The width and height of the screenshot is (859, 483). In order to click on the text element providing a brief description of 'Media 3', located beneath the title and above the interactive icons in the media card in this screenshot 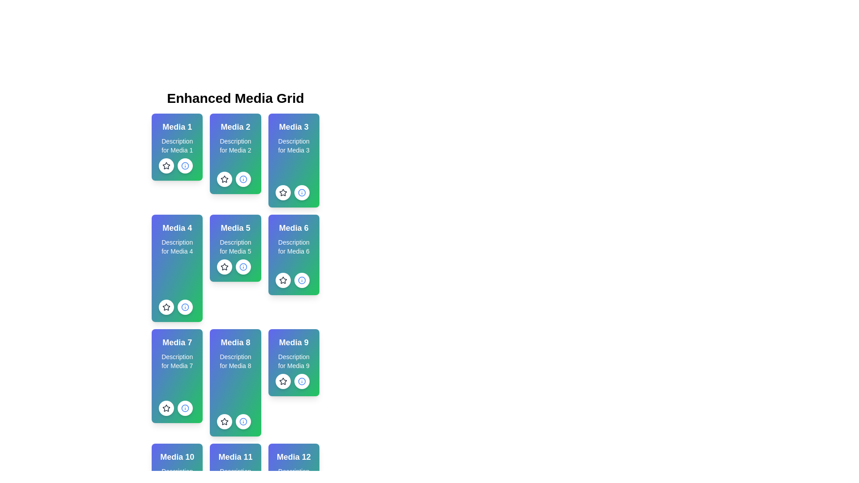, I will do `click(293, 145)`.